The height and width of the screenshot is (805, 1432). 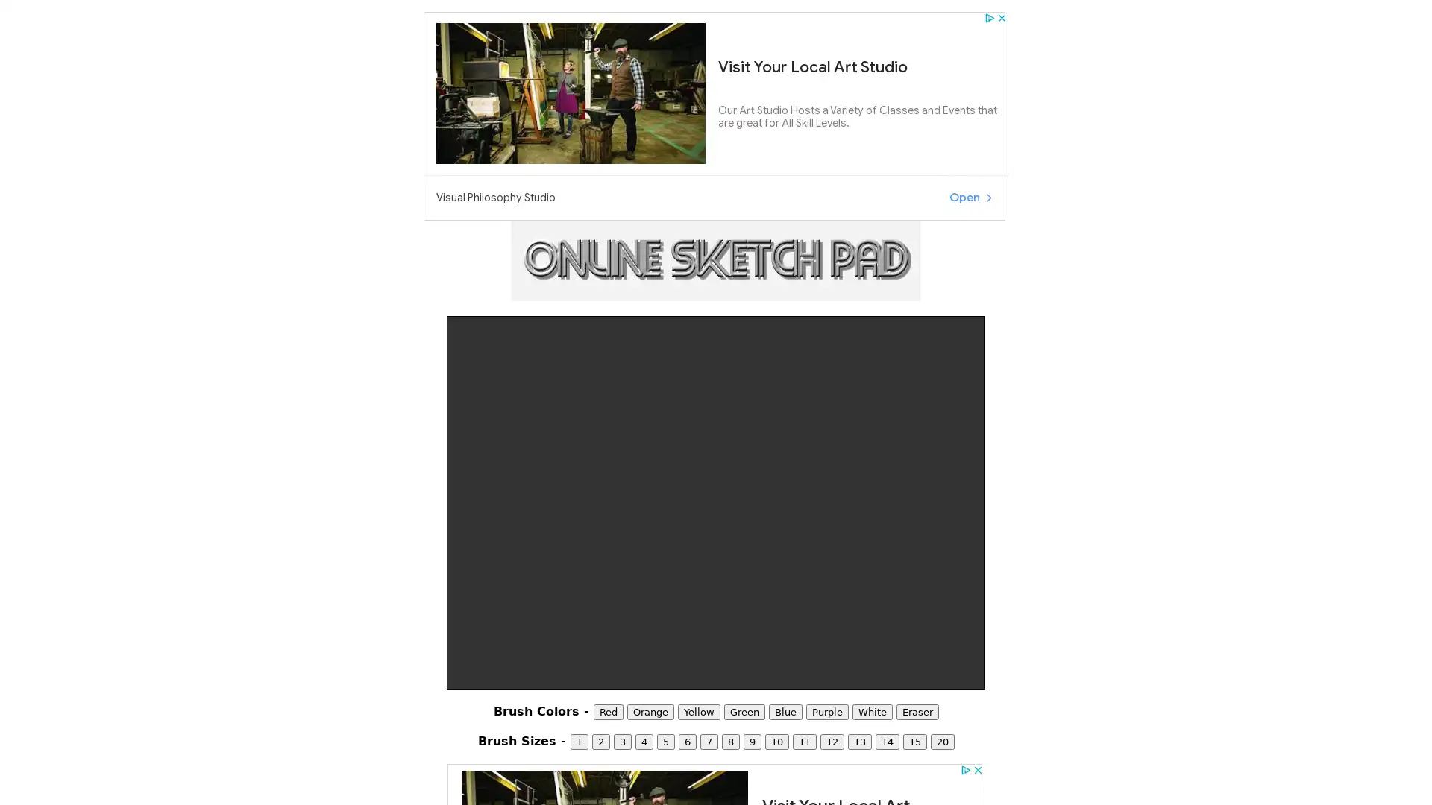 What do you see at coordinates (826, 711) in the screenshot?
I see `Purple` at bounding box center [826, 711].